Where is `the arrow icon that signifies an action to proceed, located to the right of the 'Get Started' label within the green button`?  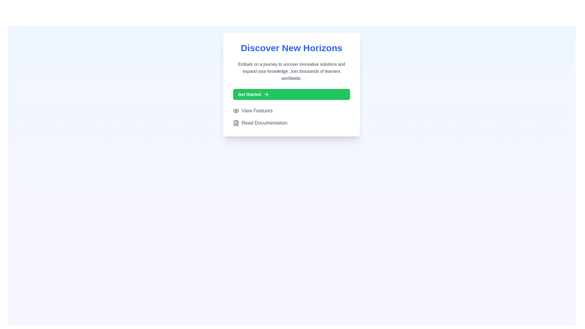 the arrow icon that signifies an action to proceed, located to the right of the 'Get Started' label within the green button is located at coordinates (266, 94).